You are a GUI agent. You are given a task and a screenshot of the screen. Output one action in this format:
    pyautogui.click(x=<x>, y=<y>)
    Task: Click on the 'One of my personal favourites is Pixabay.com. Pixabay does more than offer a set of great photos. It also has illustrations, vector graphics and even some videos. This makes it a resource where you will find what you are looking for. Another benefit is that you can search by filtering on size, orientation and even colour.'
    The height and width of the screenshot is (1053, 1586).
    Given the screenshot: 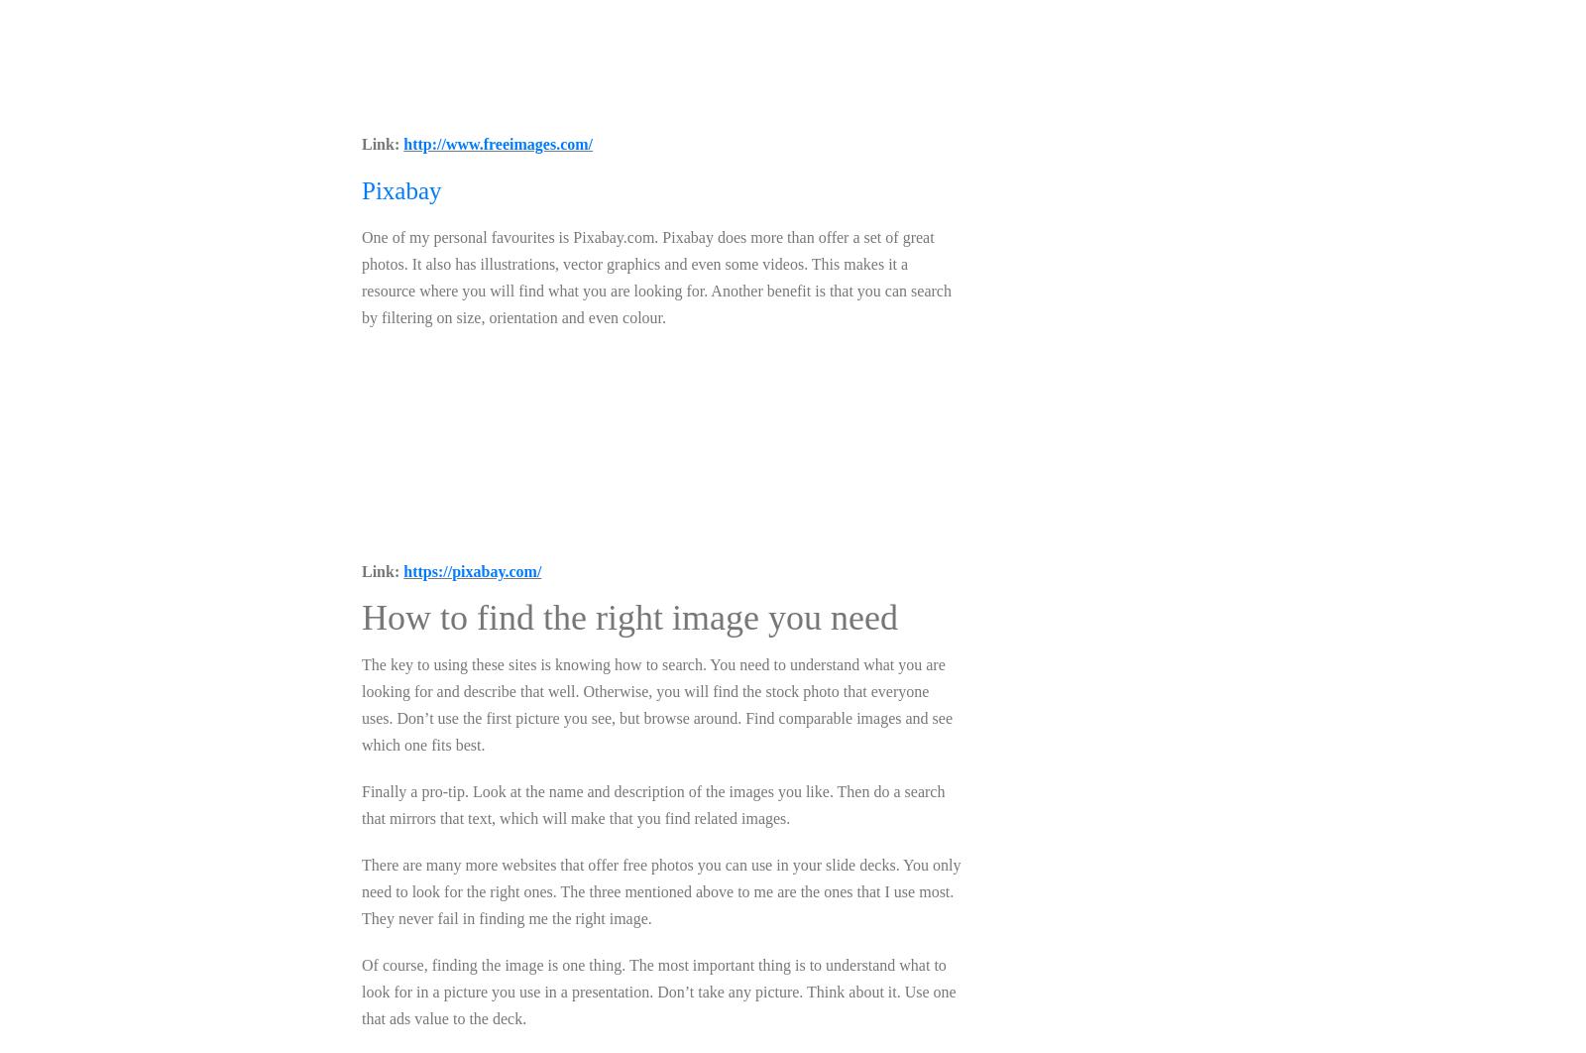 What is the action you would take?
    pyautogui.click(x=361, y=277)
    